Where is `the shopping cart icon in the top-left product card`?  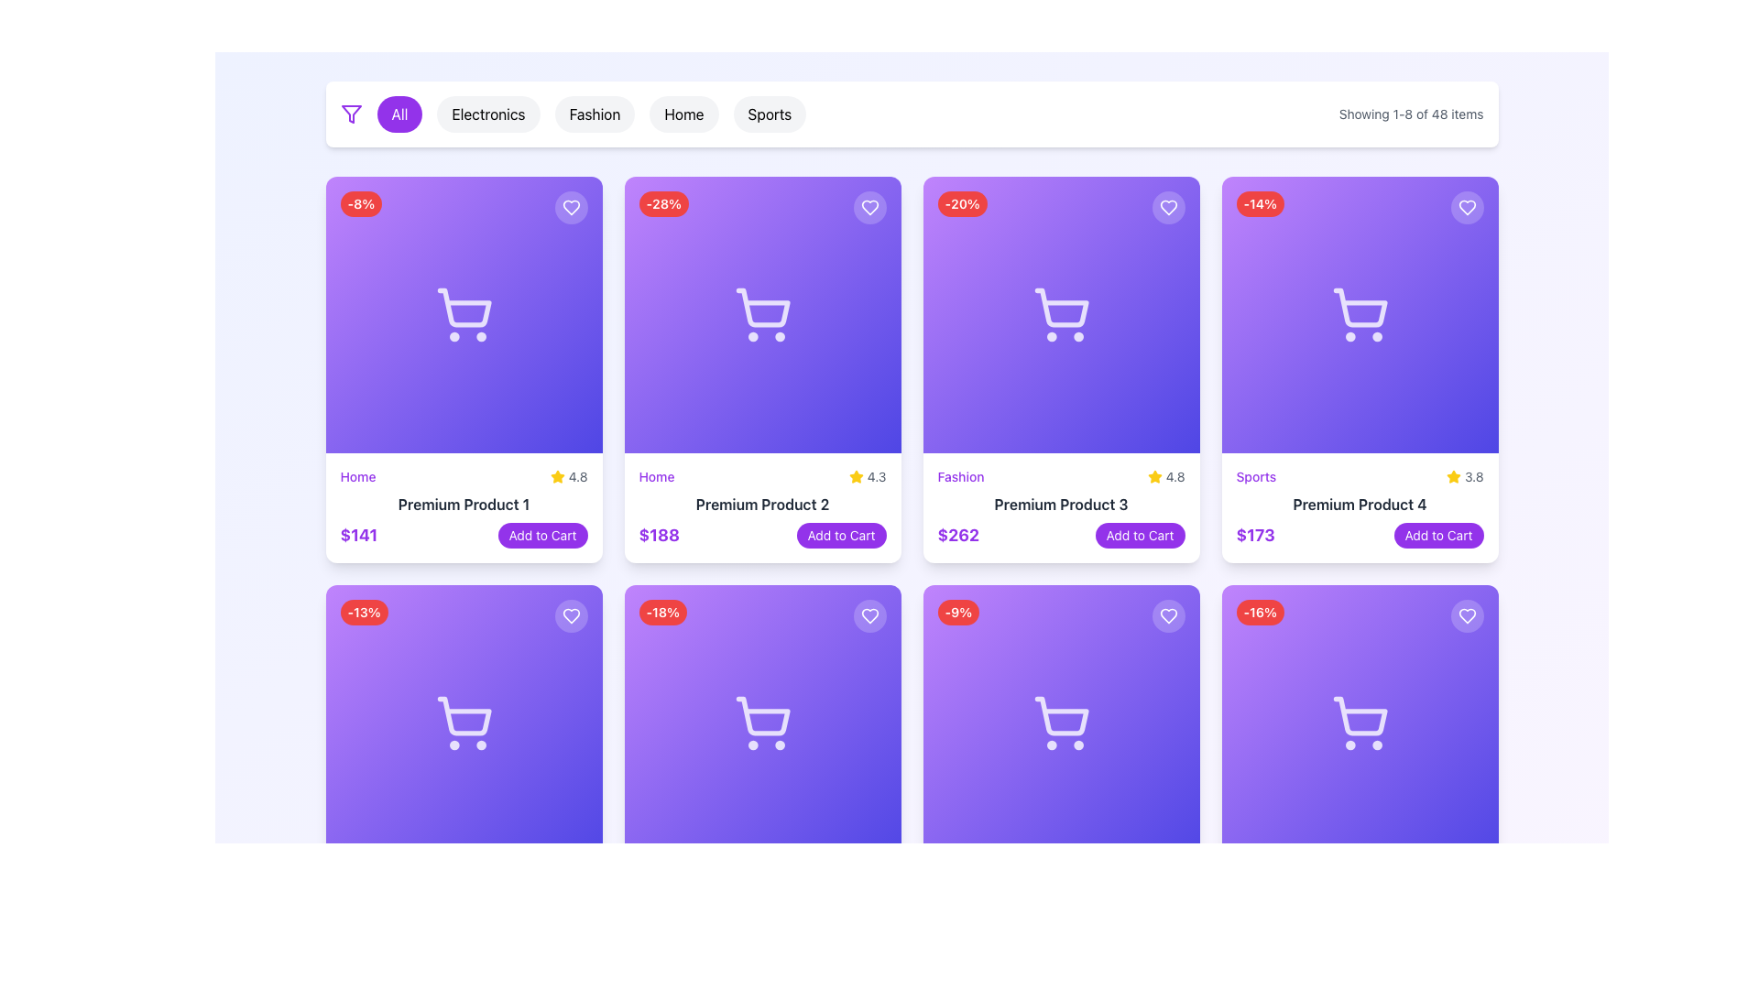 the shopping cart icon in the top-left product card is located at coordinates (464, 307).